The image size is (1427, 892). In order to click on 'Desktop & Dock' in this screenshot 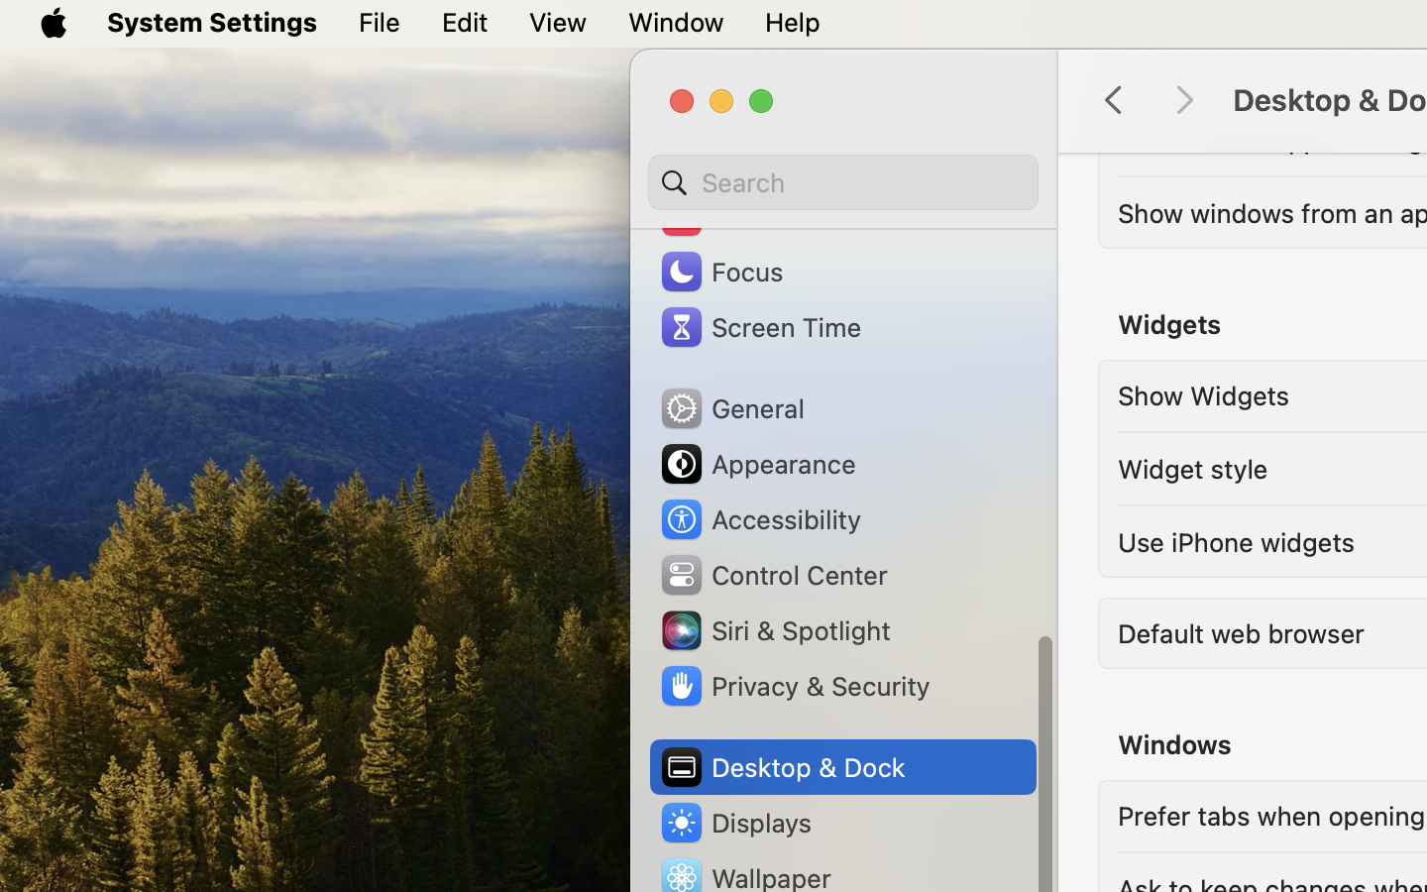, I will do `click(781, 766)`.